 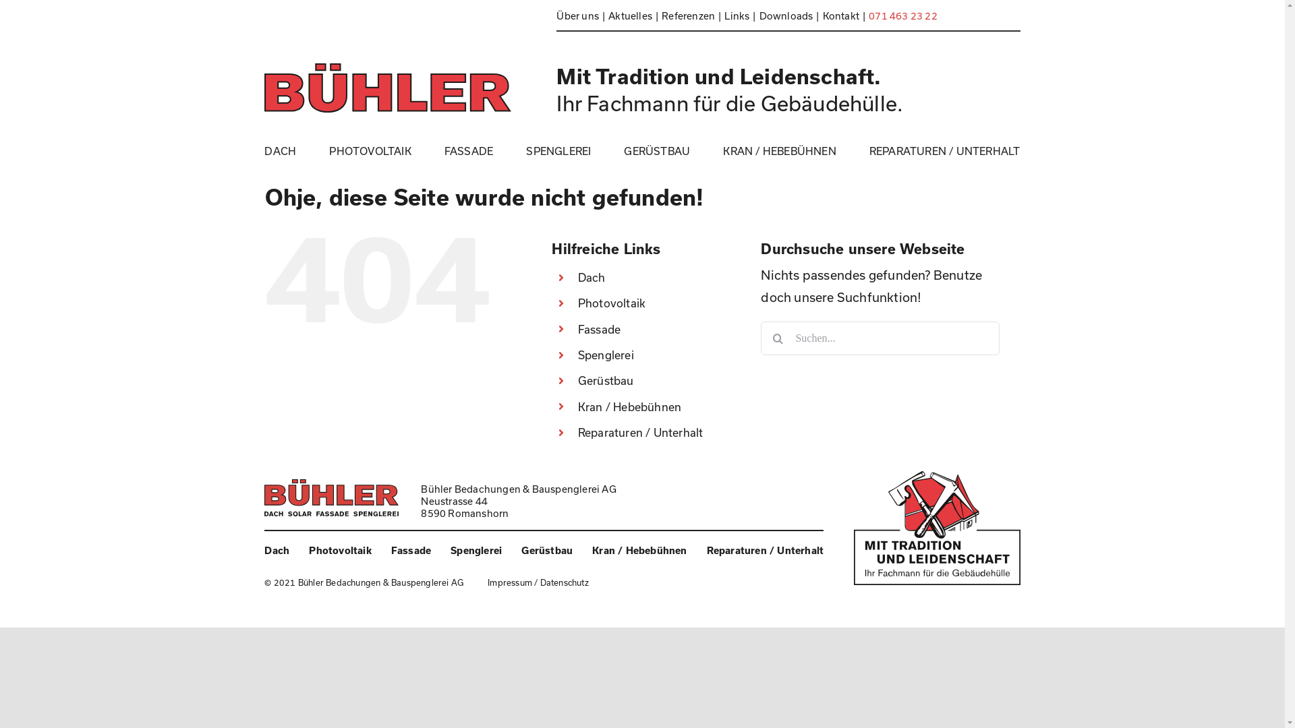 I want to click on 'Photovoltaik', so click(x=578, y=302).